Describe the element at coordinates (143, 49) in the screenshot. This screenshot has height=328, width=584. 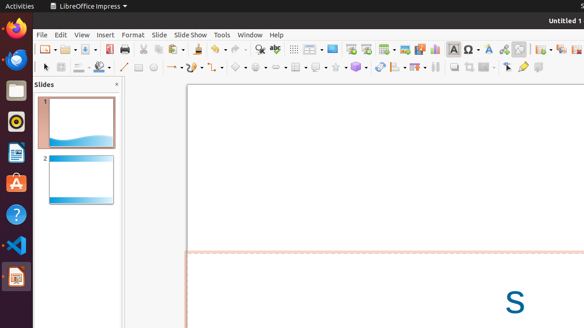
I see `'Cut'` at that location.